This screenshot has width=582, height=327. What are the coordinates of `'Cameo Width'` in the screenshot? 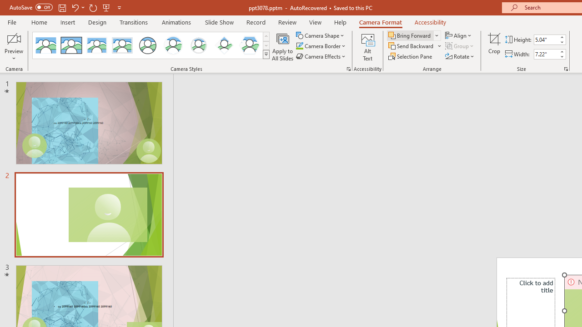 It's located at (546, 54).